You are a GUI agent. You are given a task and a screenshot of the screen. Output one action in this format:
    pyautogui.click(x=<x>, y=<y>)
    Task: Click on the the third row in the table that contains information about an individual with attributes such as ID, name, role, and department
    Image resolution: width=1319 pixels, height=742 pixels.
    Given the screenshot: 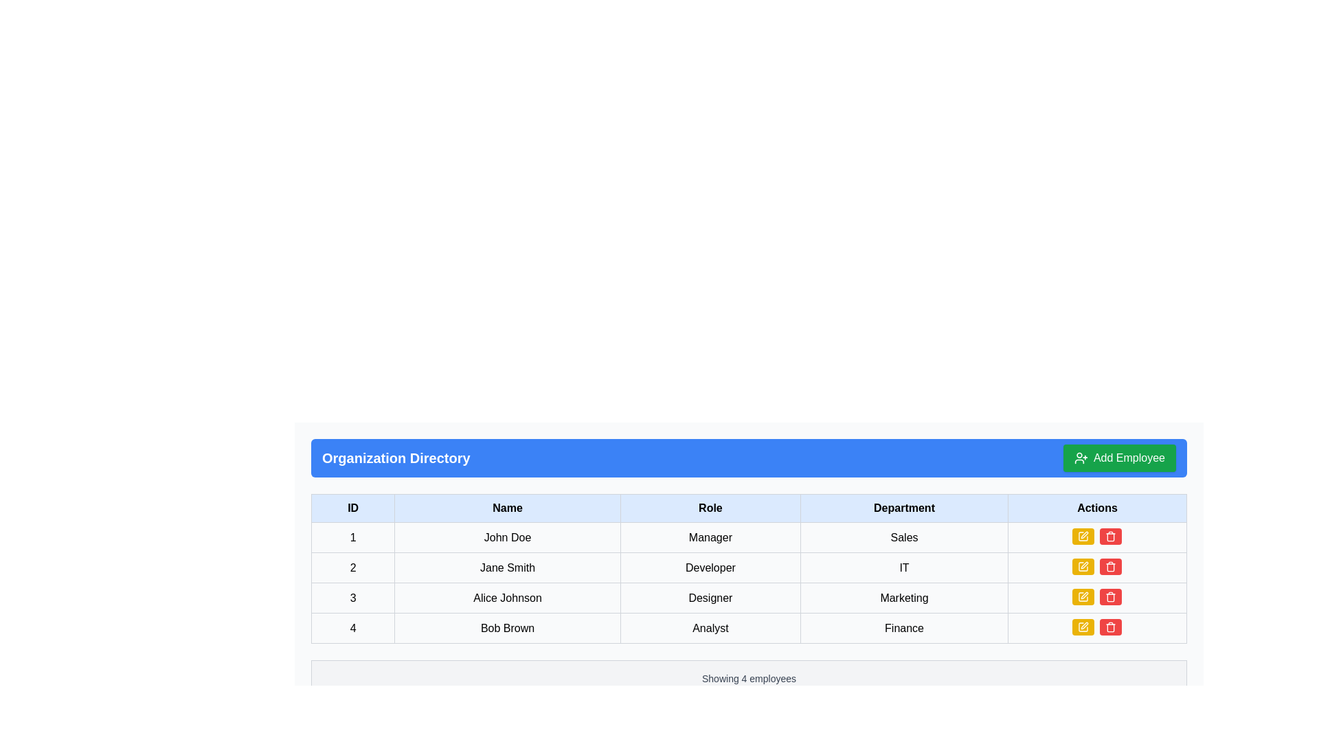 What is the action you would take?
    pyautogui.click(x=748, y=597)
    